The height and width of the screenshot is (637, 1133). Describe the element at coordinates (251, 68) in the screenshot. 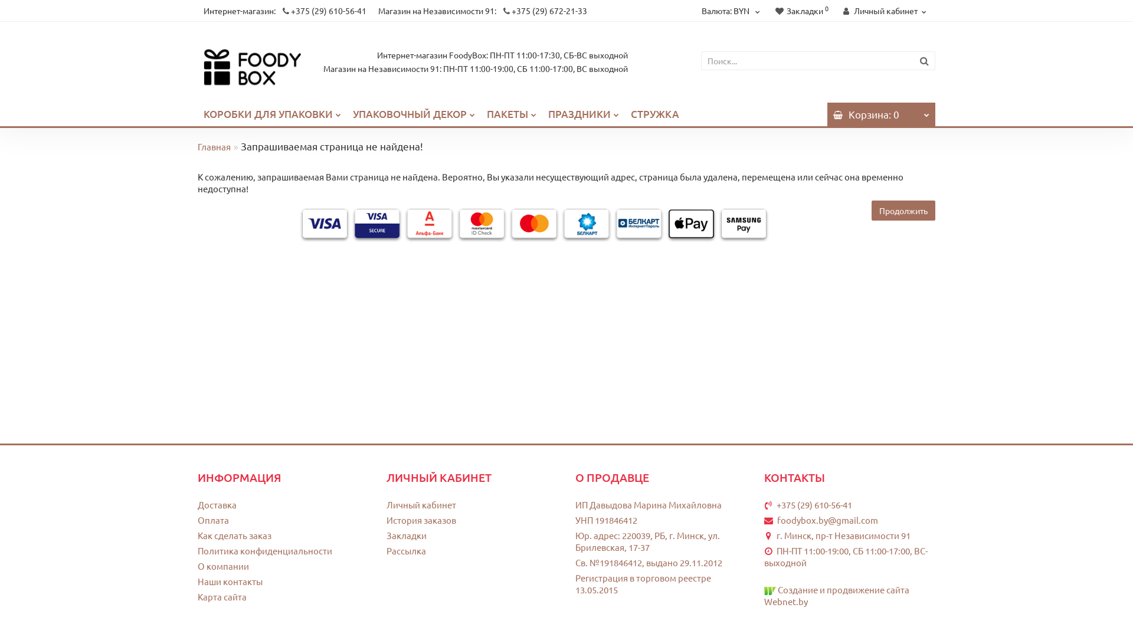

I see `'FoodyBox'` at that location.